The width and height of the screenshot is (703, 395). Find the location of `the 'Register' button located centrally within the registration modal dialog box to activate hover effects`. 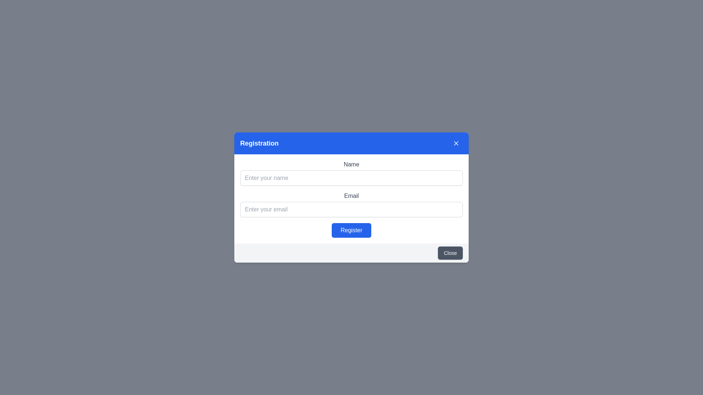

the 'Register' button located centrally within the registration modal dialog box to activate hover effects is located at coordinates (351, 230).